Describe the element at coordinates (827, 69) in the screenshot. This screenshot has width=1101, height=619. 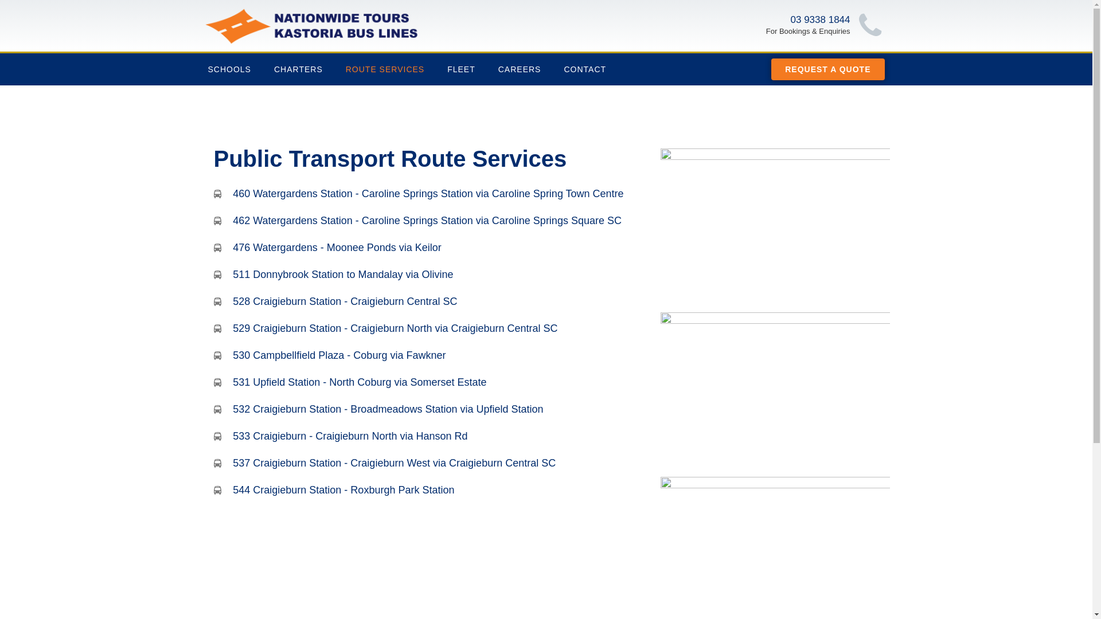
I see `'REQUEST A QUOTE'` at that location.